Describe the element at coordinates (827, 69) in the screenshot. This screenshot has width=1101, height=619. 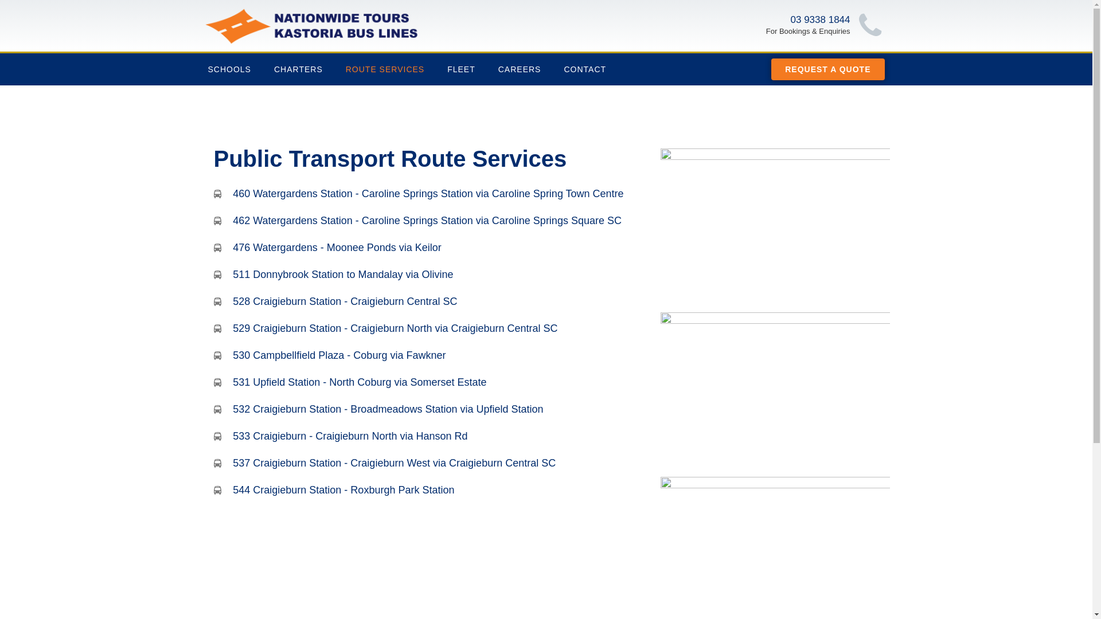
I see `'REQUEST A QUOTE'` at that location.